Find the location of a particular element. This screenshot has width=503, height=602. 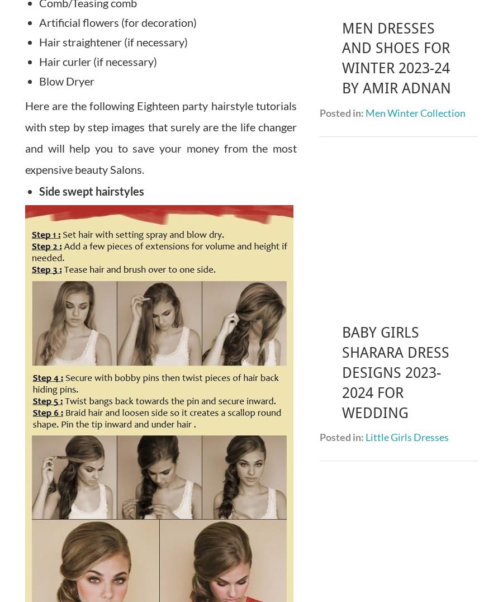

'Best Hijab Styles In Pakistani And Arabic Style For 2023-24' is located at coordinates (392, 368).